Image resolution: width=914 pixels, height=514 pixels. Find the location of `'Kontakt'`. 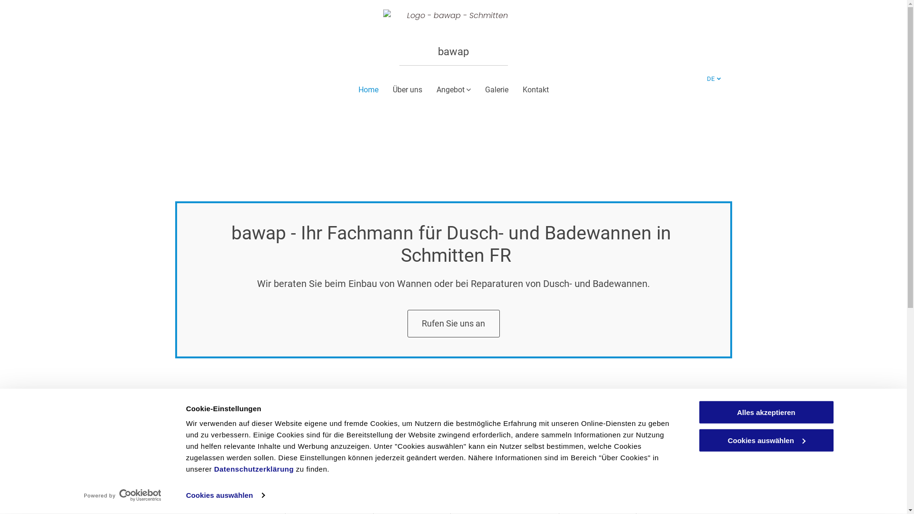

'Kontakt' is located at coordinates (536, 89).